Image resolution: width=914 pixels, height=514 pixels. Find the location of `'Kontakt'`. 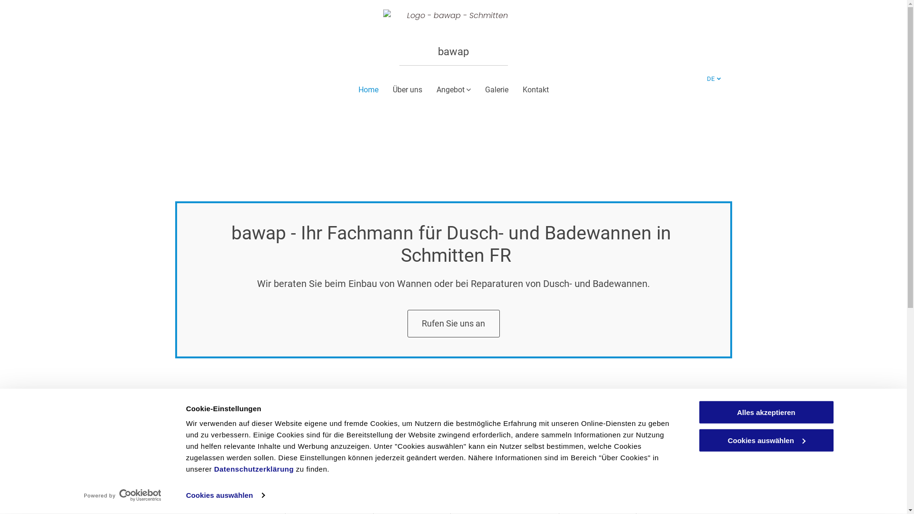

'Kontakt' is located at coordinates (536, 89).